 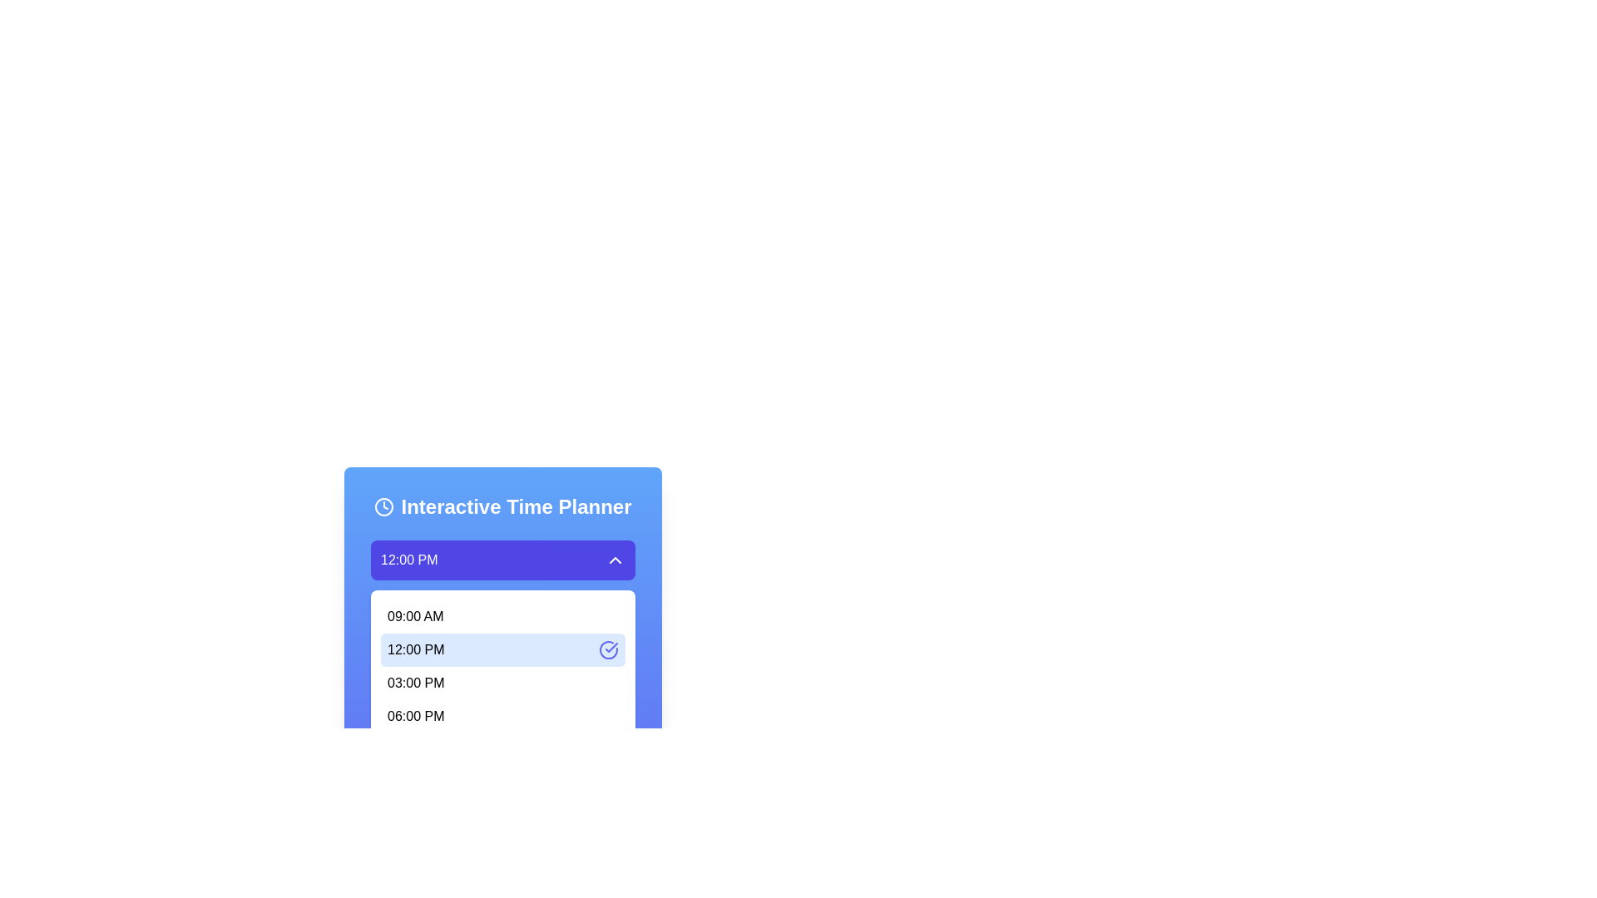 What do you see at coordinates (502, 506) in the screenshot?
I see `the Text header element that serves as a title for the associated interactive section, located at the top of its card-like layout` at bounding box center [502, 506].